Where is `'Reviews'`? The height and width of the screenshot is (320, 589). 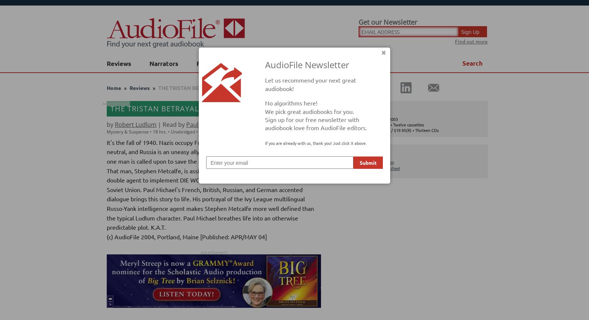 'Reviews' is located at coordinates (130, 87).